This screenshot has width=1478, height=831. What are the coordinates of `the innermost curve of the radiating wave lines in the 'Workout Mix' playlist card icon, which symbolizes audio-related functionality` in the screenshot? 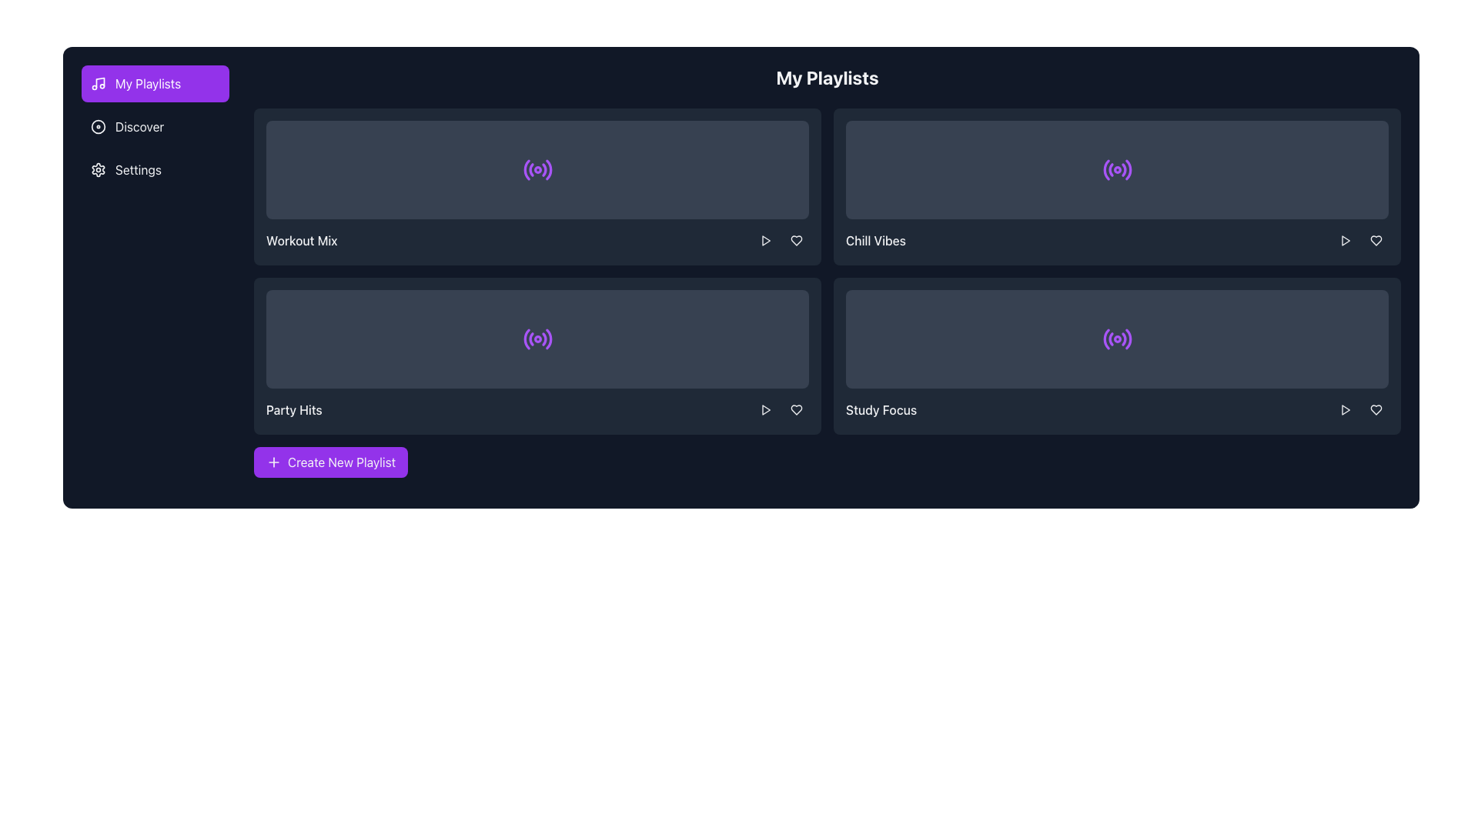 It's located at (527, 169).